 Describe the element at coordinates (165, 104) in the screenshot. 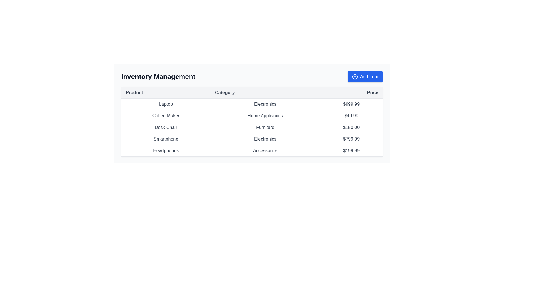

I see `Text label indicating the product name in the first data row under the 'Product' column of the inventory management table for additional information` at that location.